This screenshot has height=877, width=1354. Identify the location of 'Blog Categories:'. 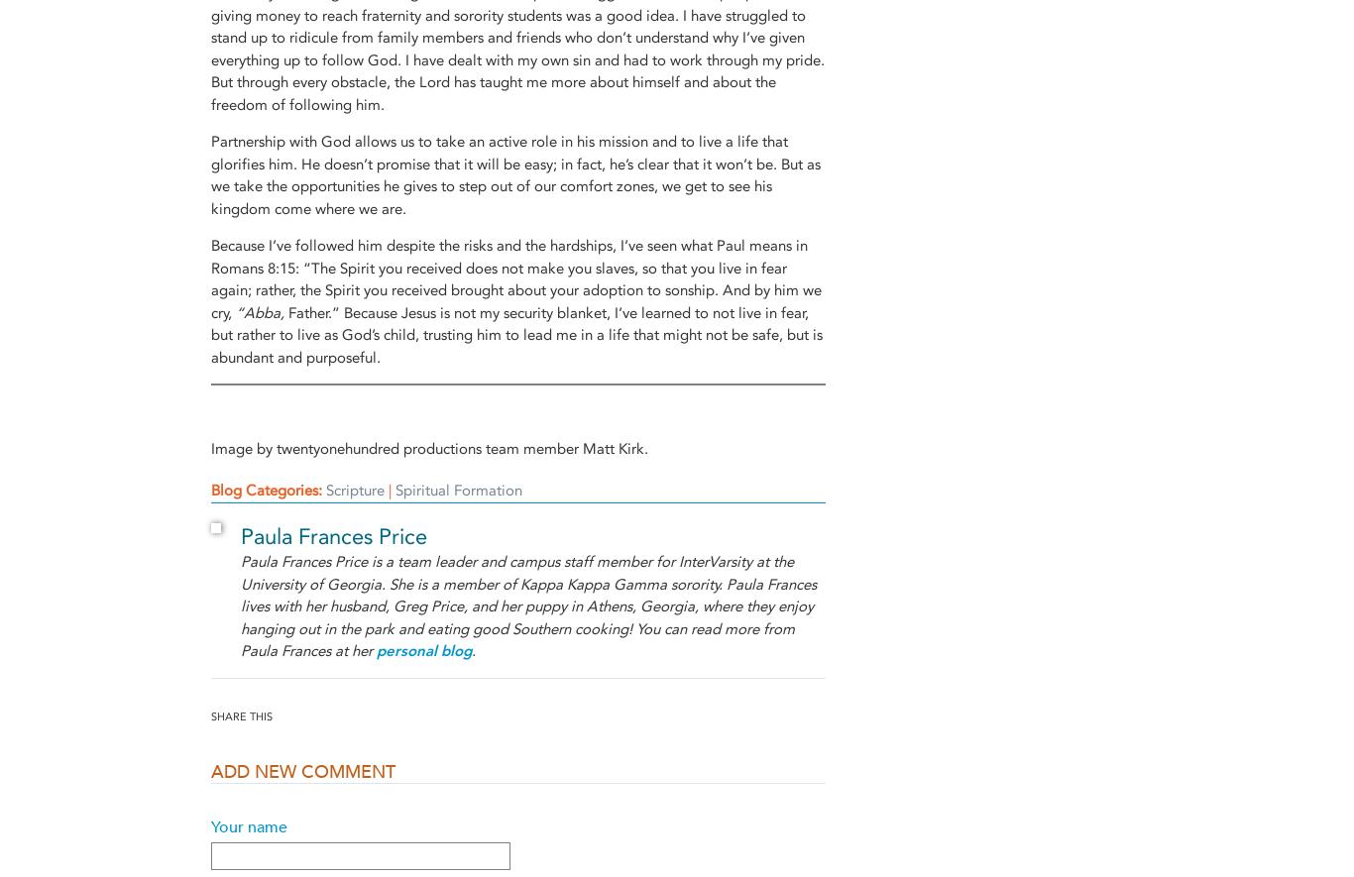
(269, 490).